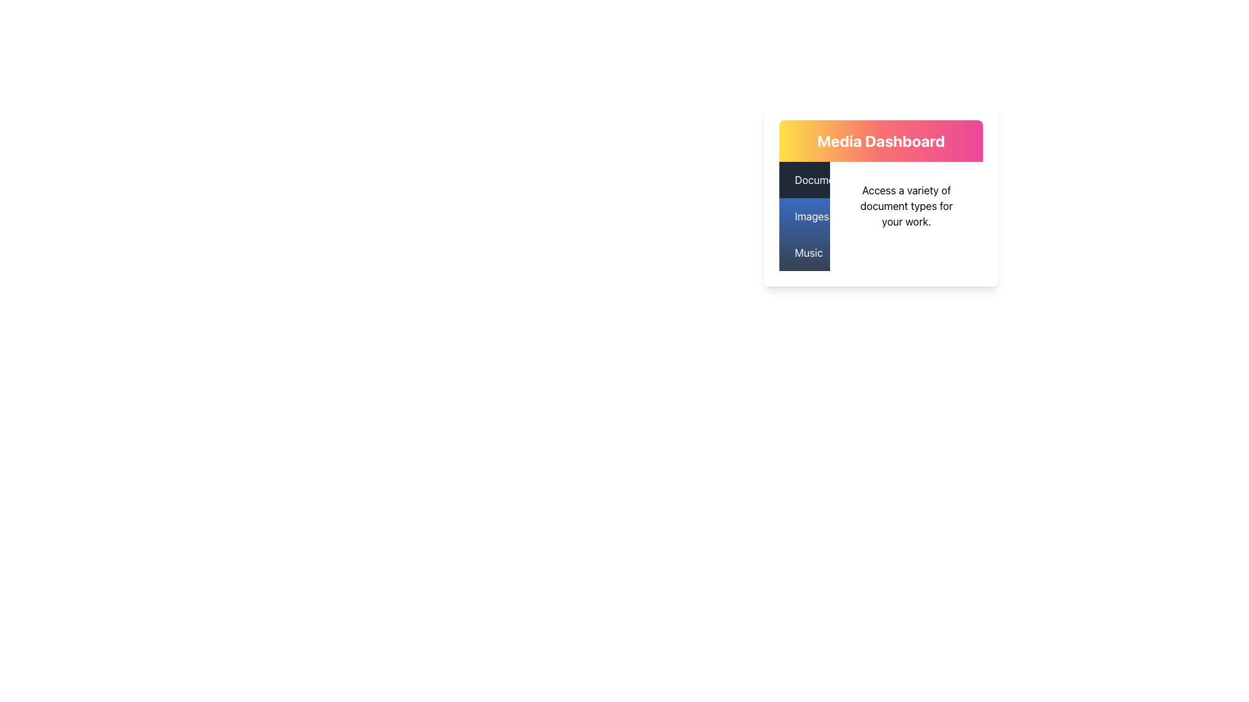  What do you see at coordinates (796, 215) in the screenshot?
I see `the small rectangular graphical icon component representing images in the Media Dashboard menu to trigger hover effects` at bounding box center [796, 215].